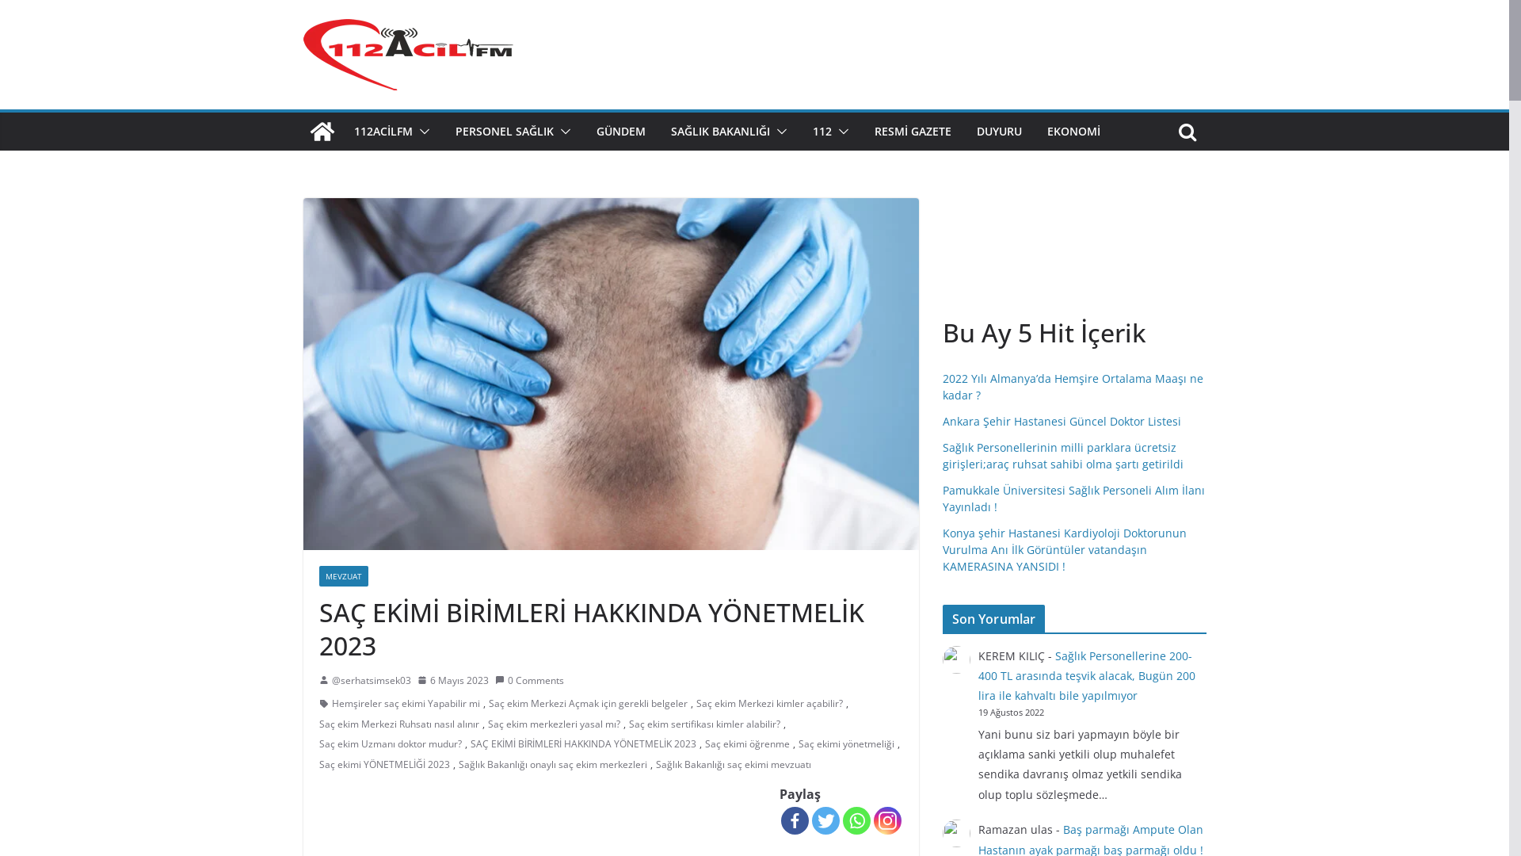 This screenshot has width=1521, height=856. What do you see at coordinates (528, 680) in the screenshot?
I see `'0 Comments'` at bounding box center [528, 680].